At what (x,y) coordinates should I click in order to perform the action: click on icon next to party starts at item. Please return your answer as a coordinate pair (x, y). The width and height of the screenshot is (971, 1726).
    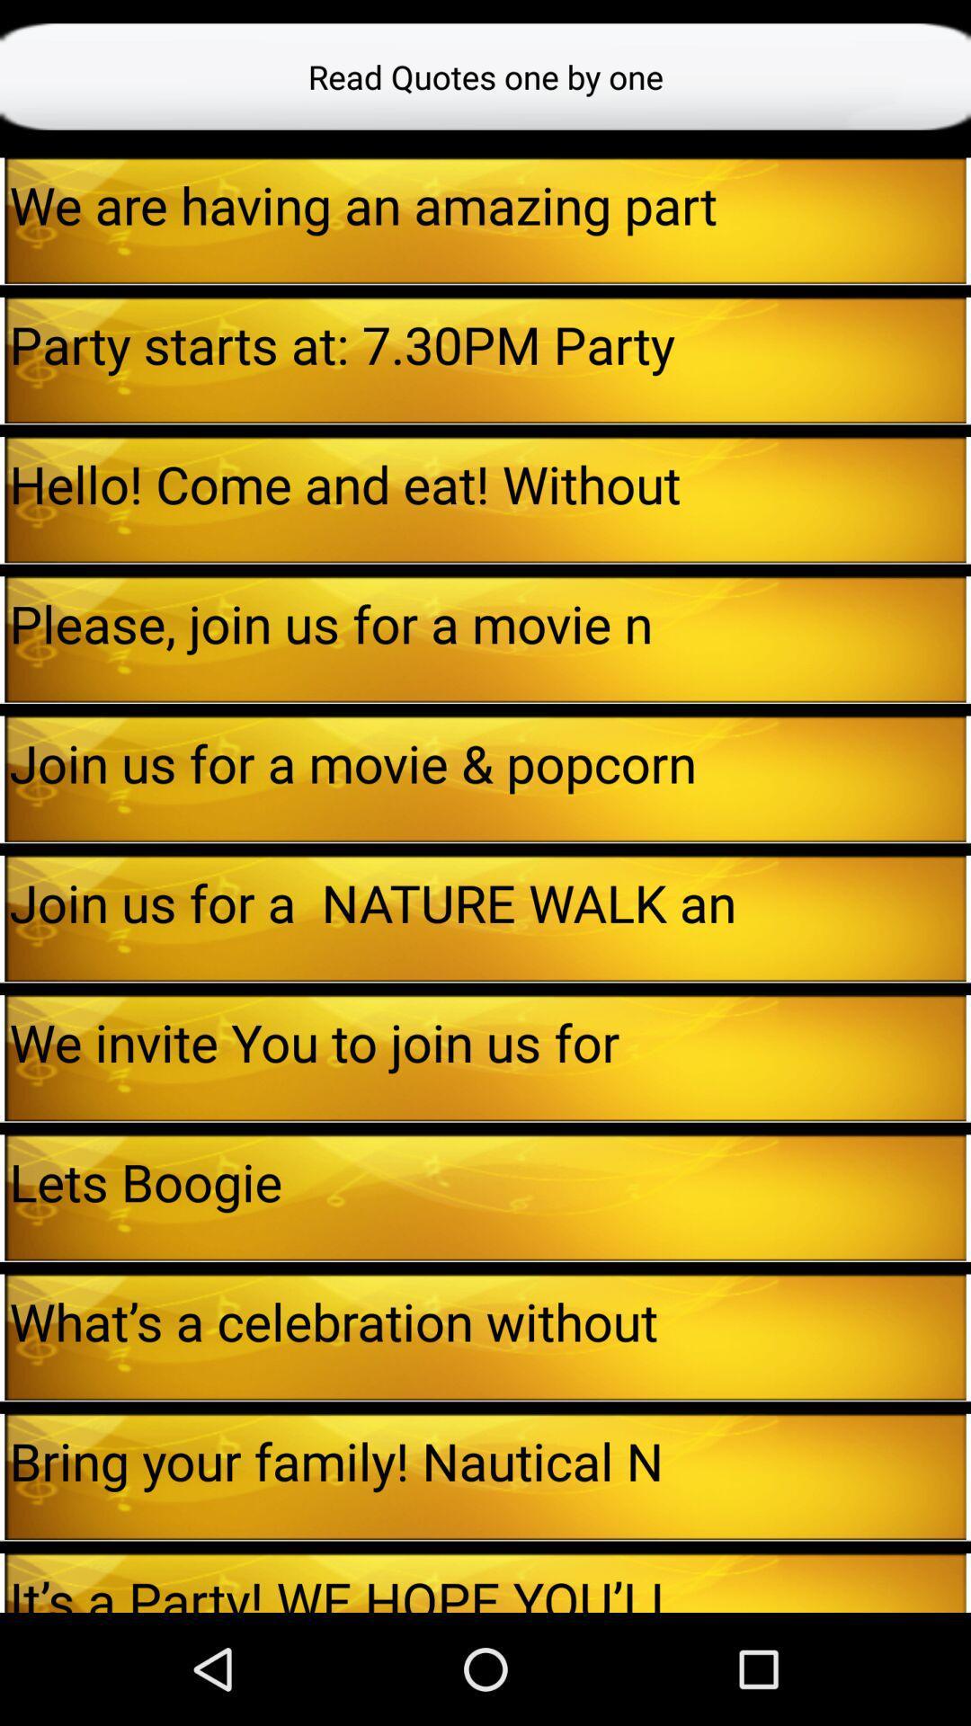
    Looking at the image, I should click on (967, 360).